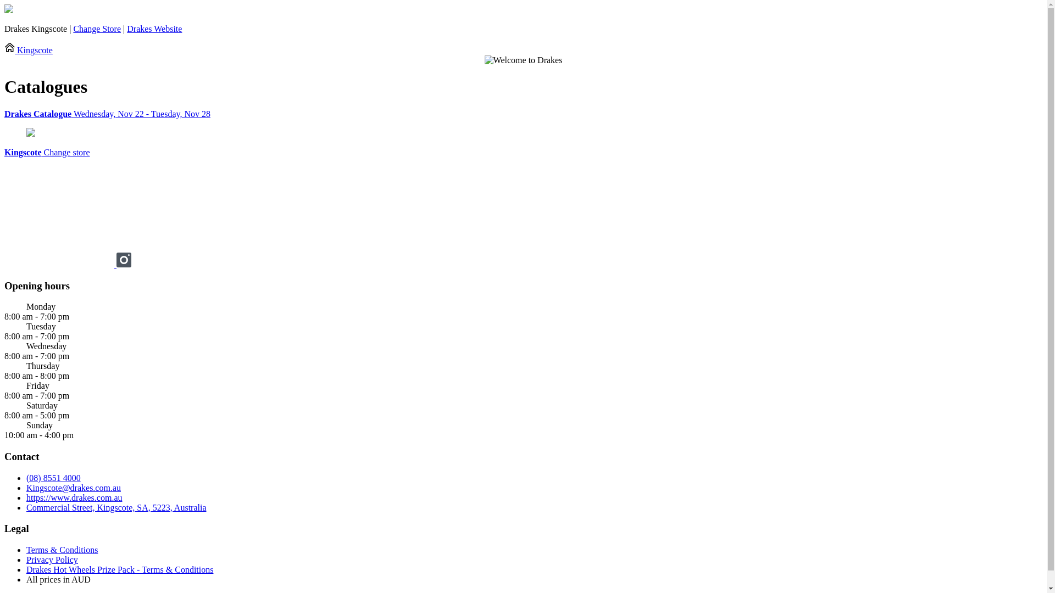 Image resolution: width=1055 pixels, height=593 pixels. What do you see at coordinates (62, 550) in the screenshot?
I see `'Terms & Conditions'` at bounding box center [62, 550].